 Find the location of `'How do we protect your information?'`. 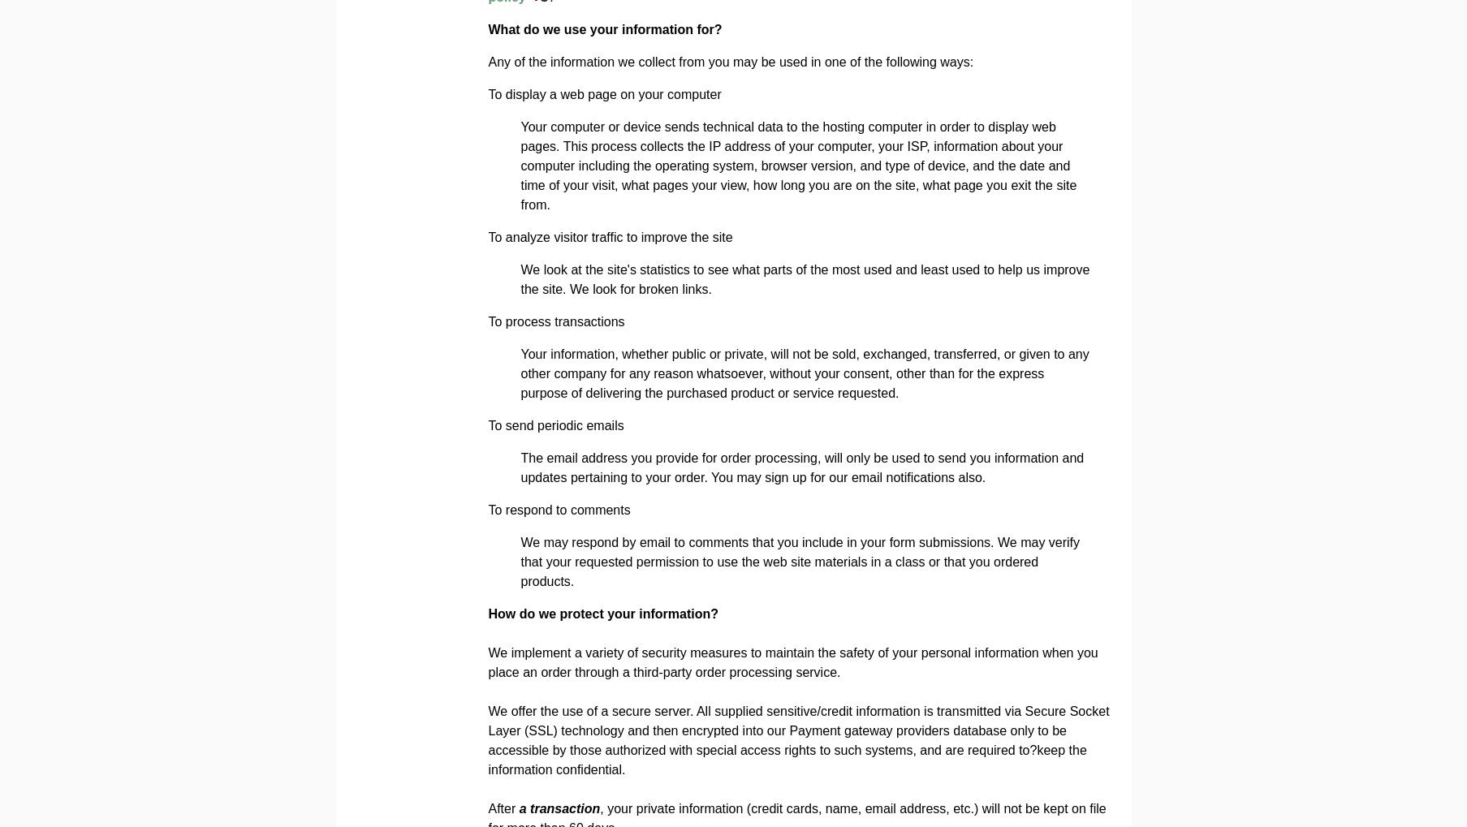

'How do we protect your information?' is located at coordinates (603, 613).